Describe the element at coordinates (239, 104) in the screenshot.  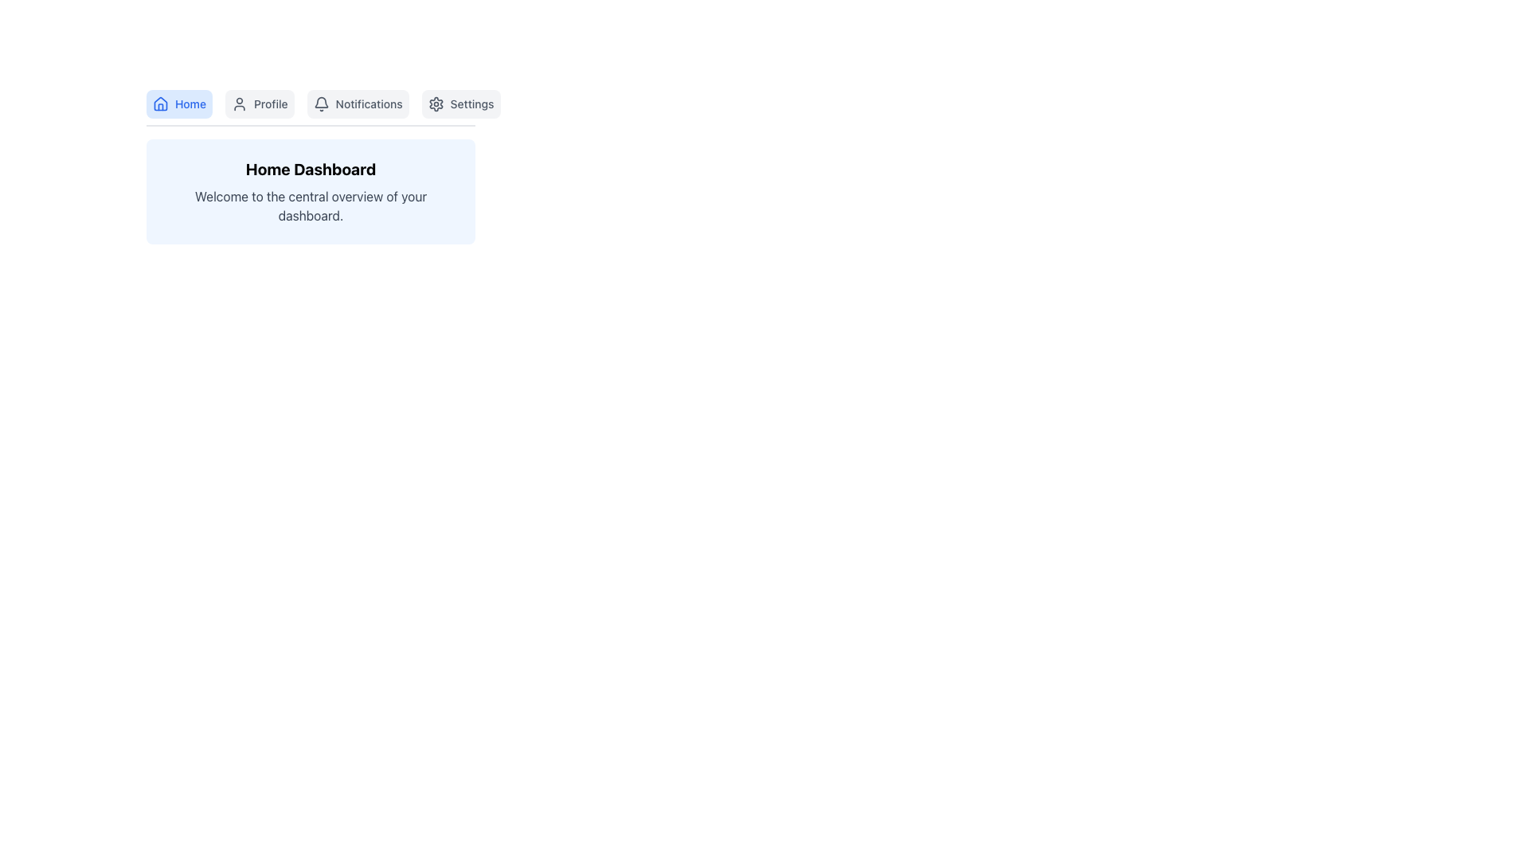
I see `the Profile button by moving the cursor to the icon that indicates navigation to the user's profile page` at that location.